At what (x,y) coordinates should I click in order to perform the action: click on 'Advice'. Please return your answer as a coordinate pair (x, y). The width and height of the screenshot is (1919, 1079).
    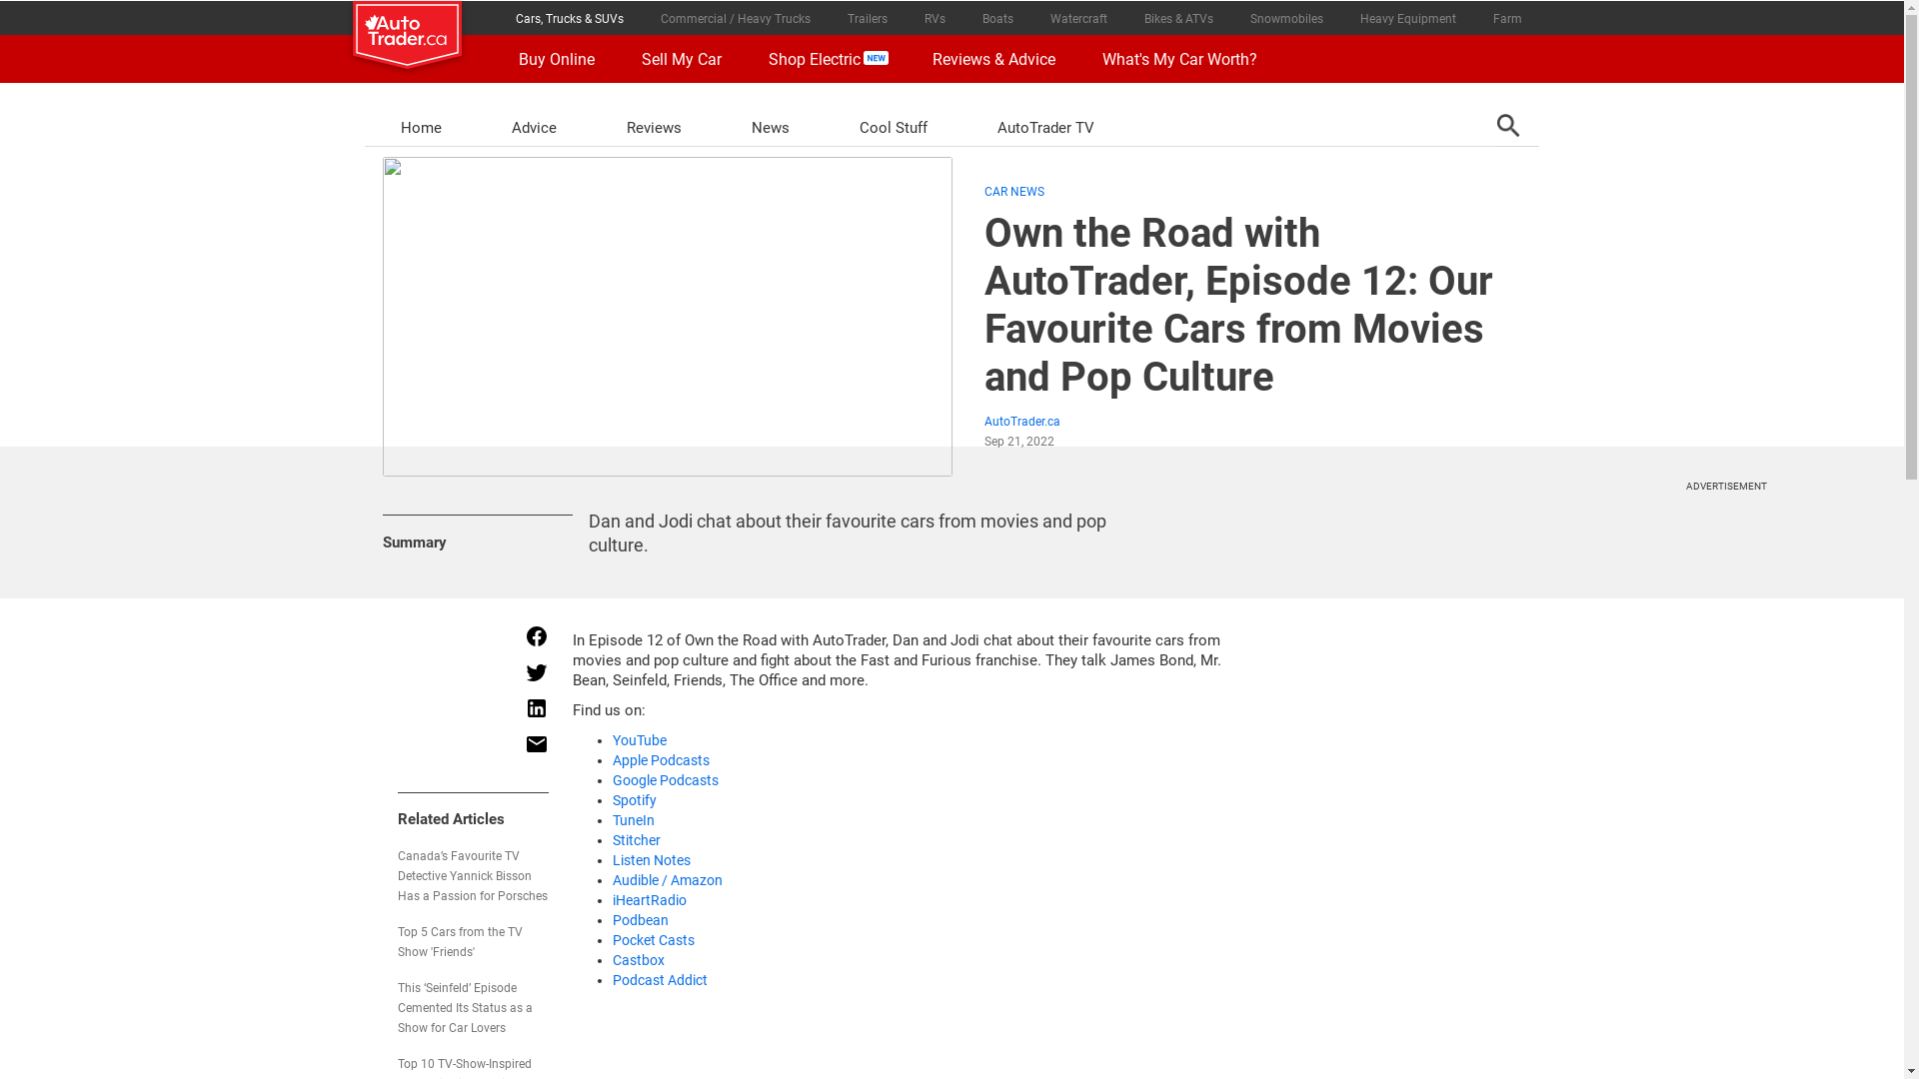
    Looking at the image, I should click on (534, 127).